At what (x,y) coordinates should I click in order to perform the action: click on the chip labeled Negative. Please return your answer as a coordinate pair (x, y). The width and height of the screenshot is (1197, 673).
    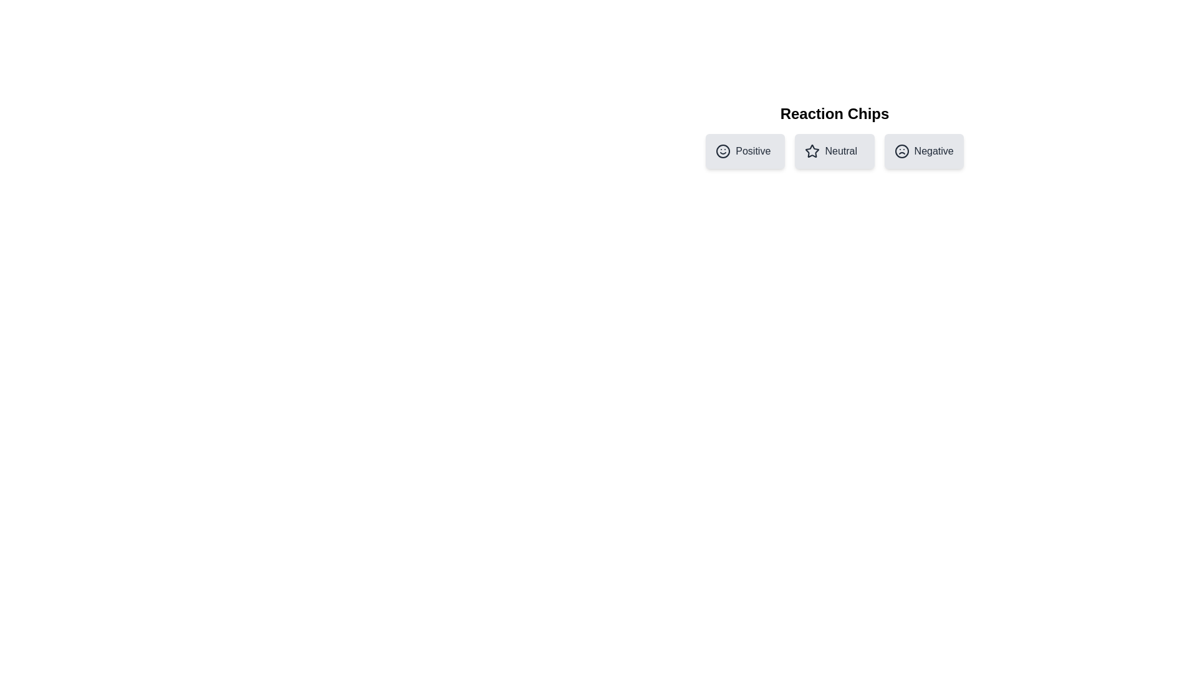
    Looking at the image, I should click on (924, 151).